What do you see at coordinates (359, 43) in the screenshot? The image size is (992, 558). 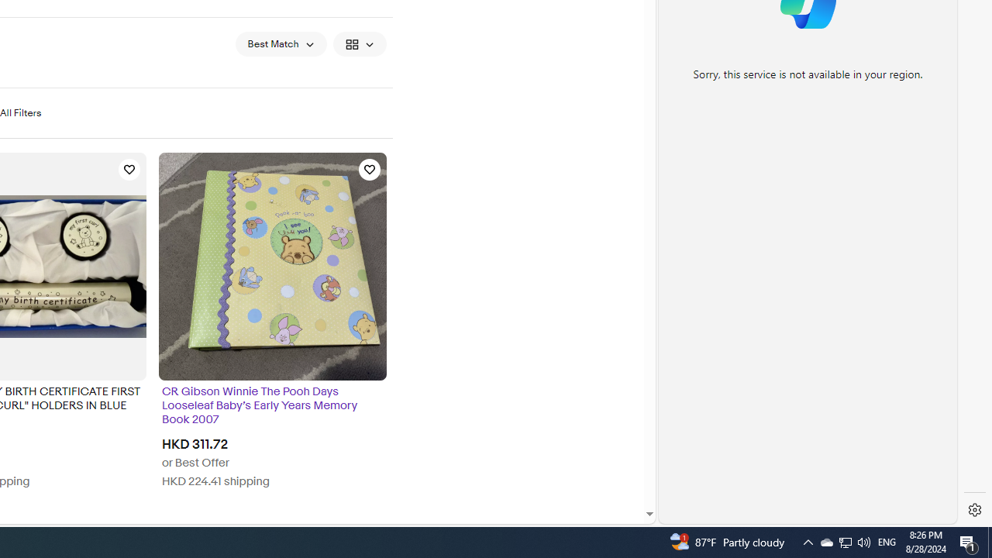 I see `'View: Gallery View'` at bounding box center [359, 43].